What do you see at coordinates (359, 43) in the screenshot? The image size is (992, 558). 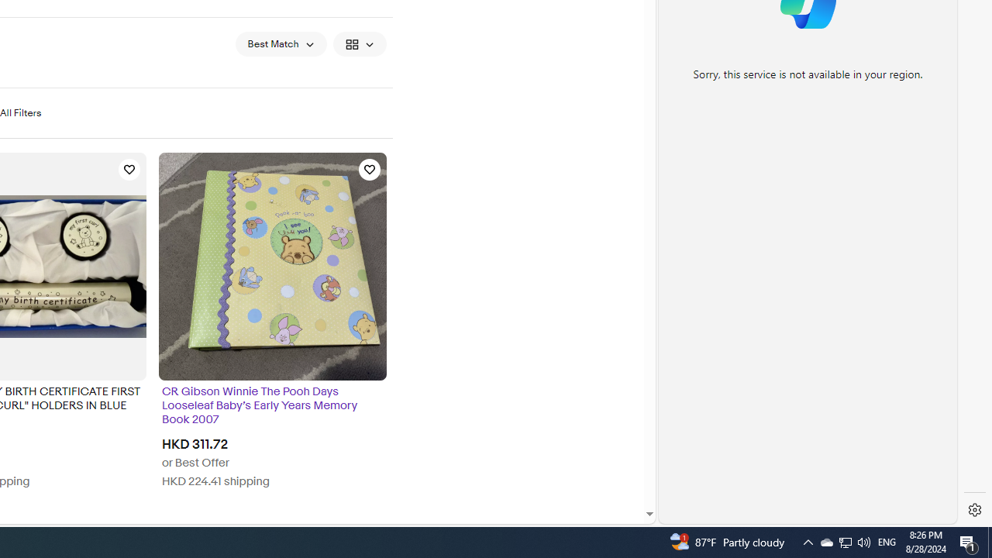 I see `'View: Gallery View'` at bounding box center [359, 43].